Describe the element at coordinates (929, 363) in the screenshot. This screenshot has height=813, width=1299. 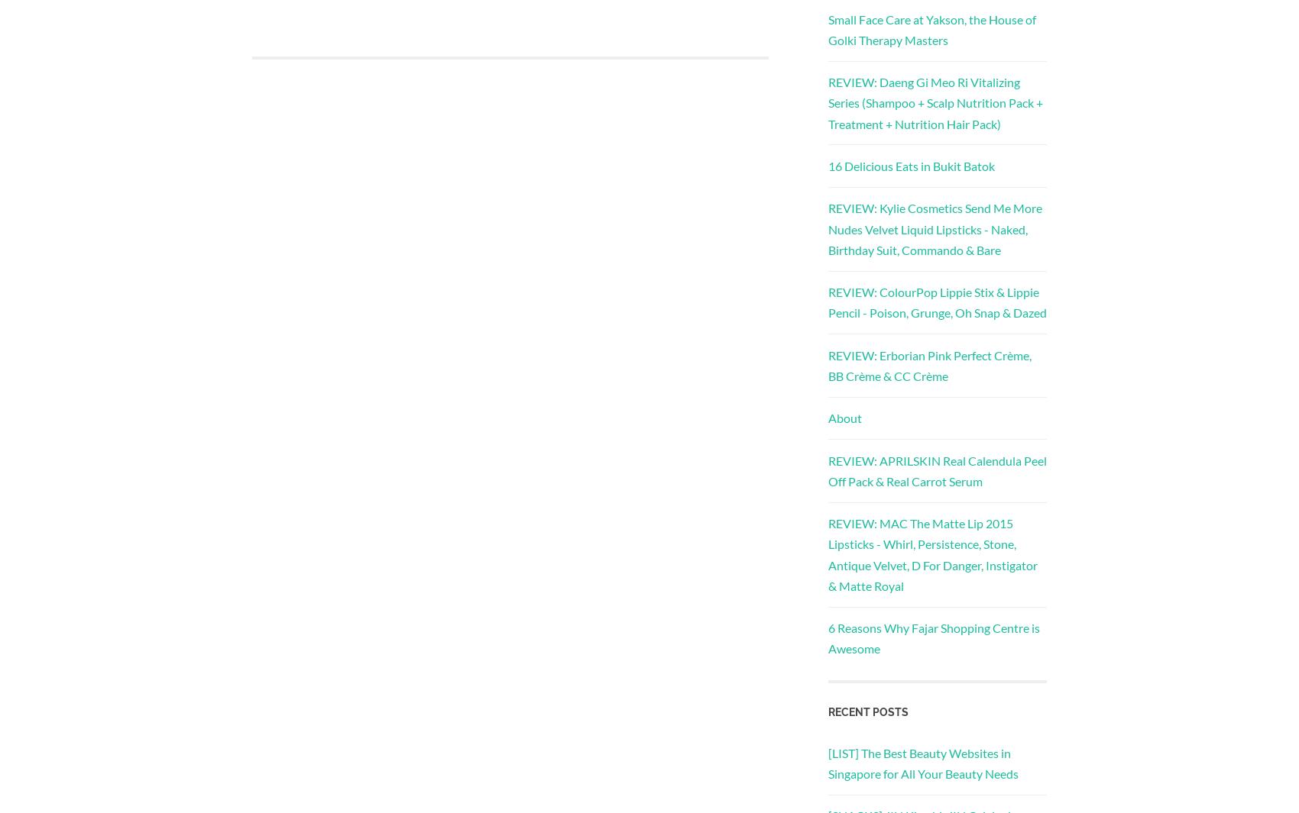
I see `'REVIEW: Erborian Pink Perfect Crème, BB Crème & CC Crème'` at that location.